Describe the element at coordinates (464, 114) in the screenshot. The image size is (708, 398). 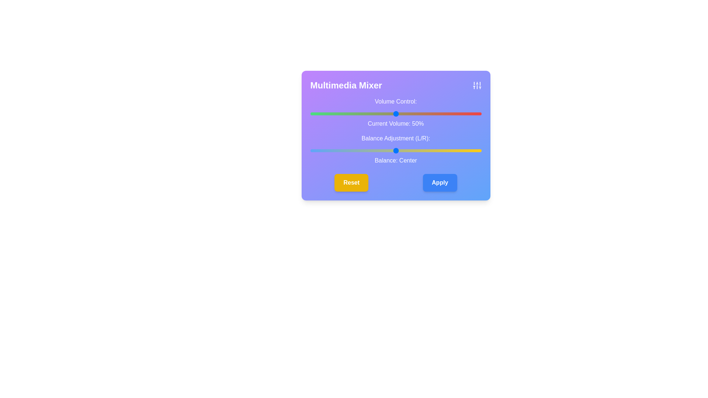
I see `the volume slider to set the volume to 90%` at that location.